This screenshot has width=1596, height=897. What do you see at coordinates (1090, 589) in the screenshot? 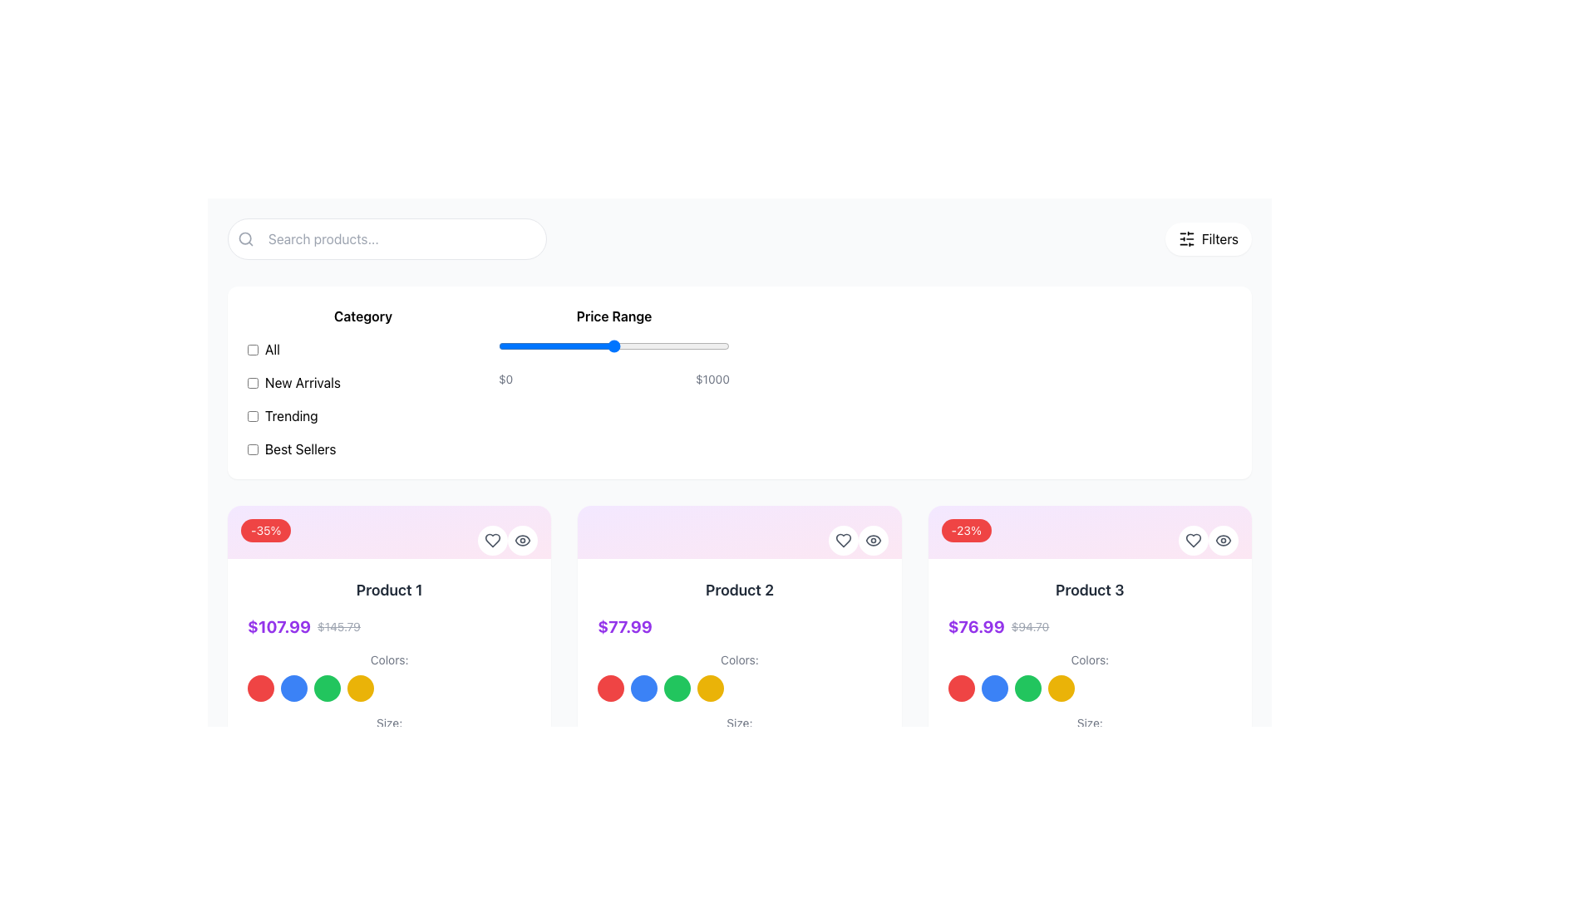
I see `the text label displaying 'Product 3' which is located at the top of its product card, beneath the discount badge and above the price information` at bounding box center [1090, 589].